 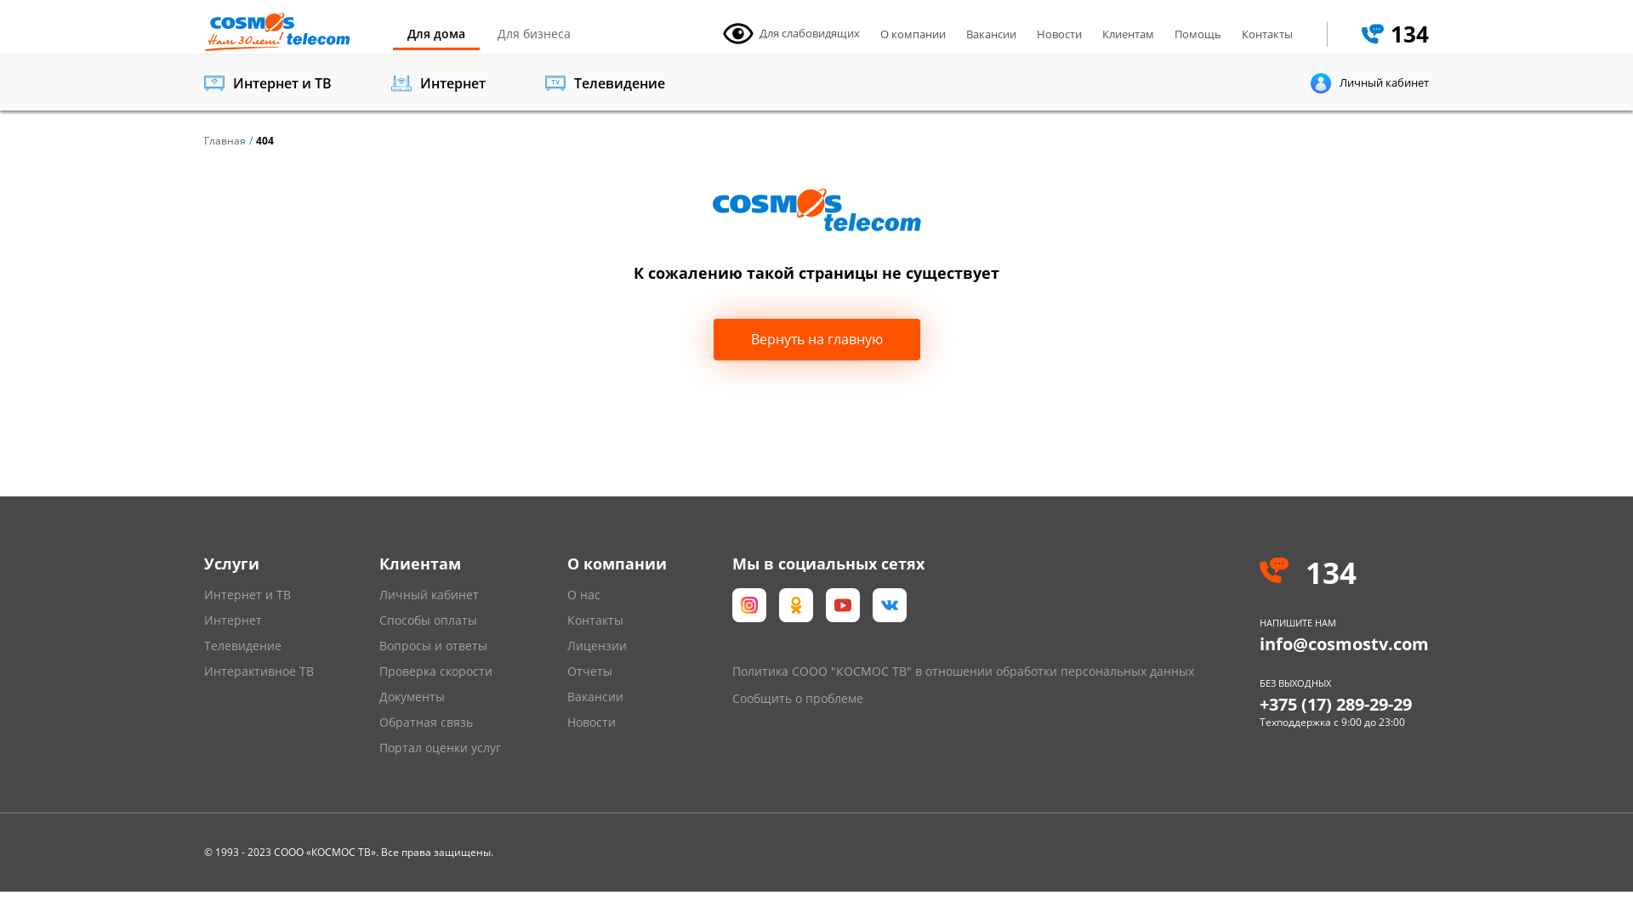 I want to click on 'info@cosmostv.com', so click(x=1343, y=643).